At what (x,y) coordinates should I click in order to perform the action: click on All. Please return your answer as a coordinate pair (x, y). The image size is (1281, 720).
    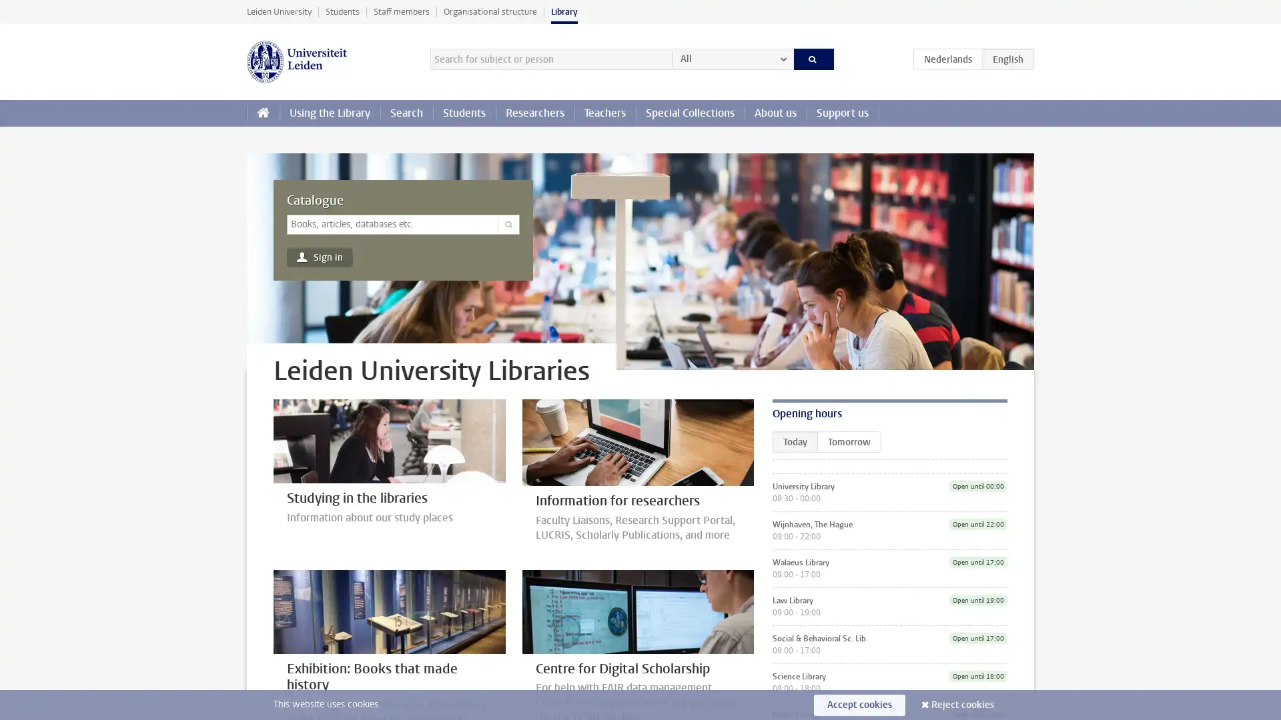
    Looking at the image, I should click on (732, 58).